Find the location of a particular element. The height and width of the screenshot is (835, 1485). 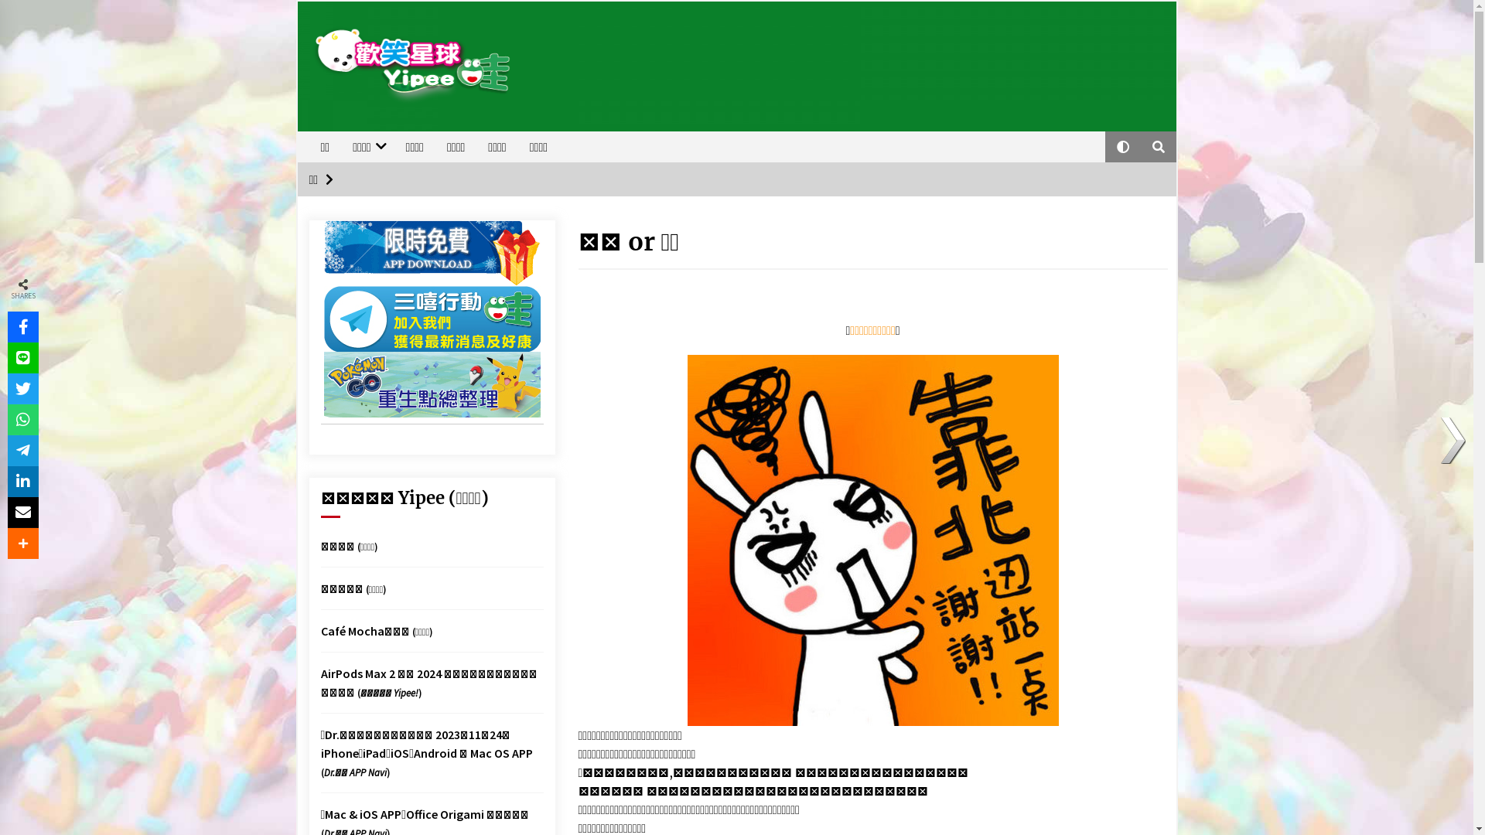

'Share this on Facebook' is located at coordinates (22, 326).